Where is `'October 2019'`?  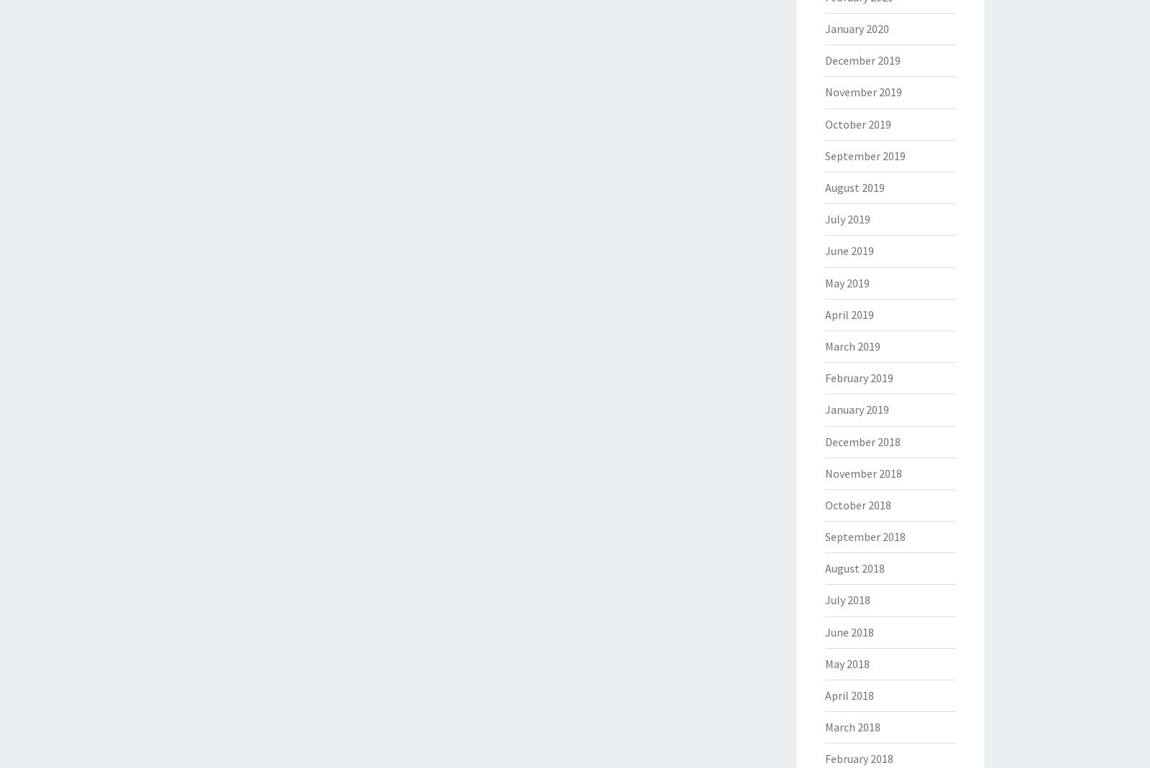 'October 2019' is located at coordinates (857, 124).